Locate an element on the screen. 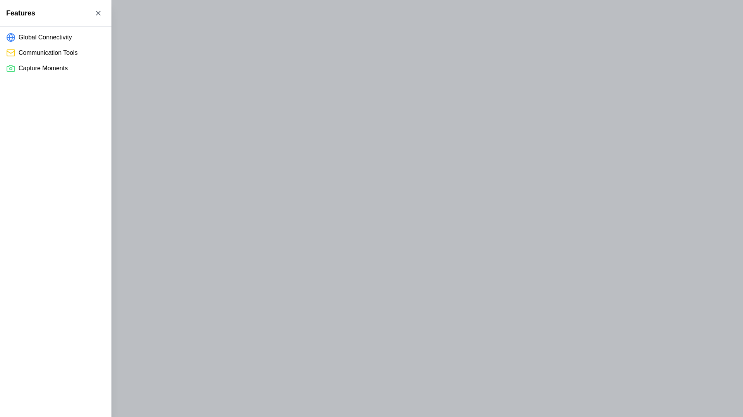  the 'Communication Tools' menu item, which is the second item in a vertical list of features in the sidebar menu is located at coordinates (55, 53).